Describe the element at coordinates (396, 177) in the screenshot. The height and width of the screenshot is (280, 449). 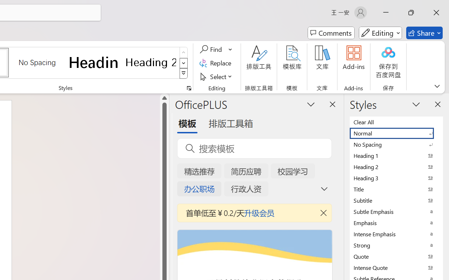
I see `'Heading 3'` at that location.